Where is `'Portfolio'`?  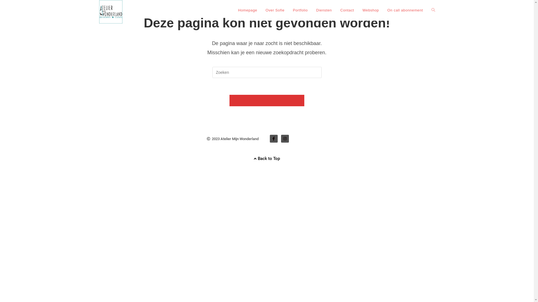 'Portfolio' is located at coordinates (300, 10).